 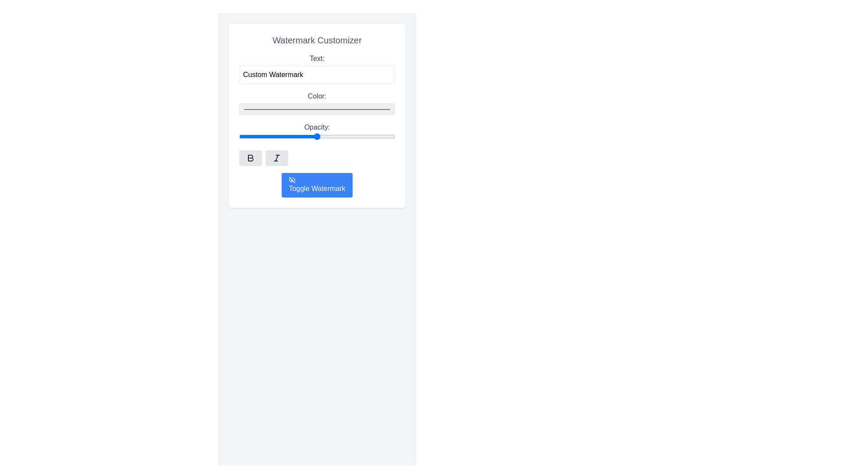 What do you see at coordinates (239, 137) in the screenshot?
I see `opacity value` at bounding box center [239, 137].